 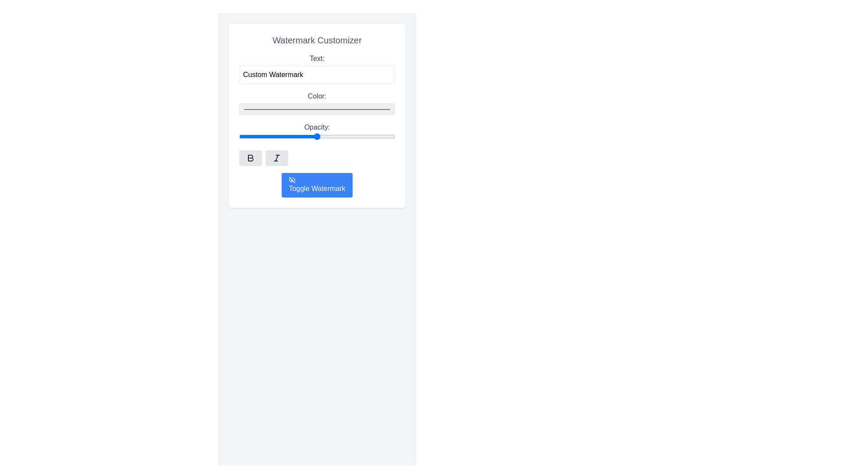 What do you see at coordinates (239, 137) in the screenshot?
I see `opacity value` at bounding box center [239, 137].